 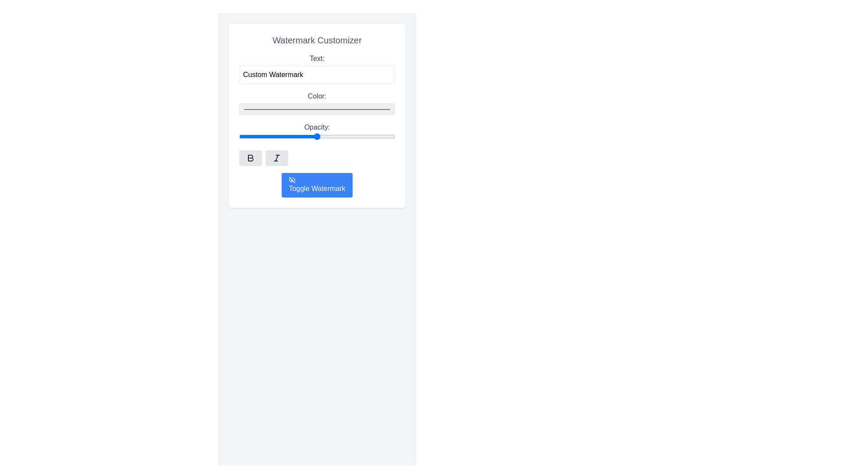 What do you see at coordinates (239, 137) in the screenshot?
I see `opacity value` at bounding box center [239, 137].